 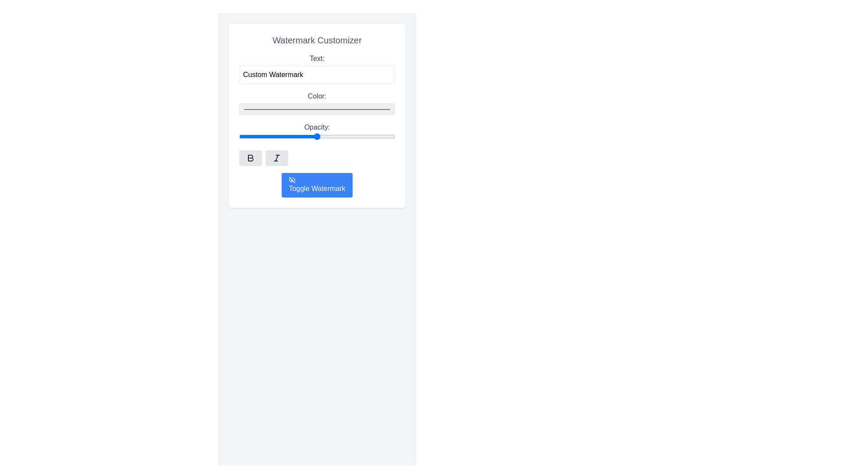 What do you see at coordinates (239, 137) in the screenshot?
I see `opacity value` at bounding box center [239, 137].